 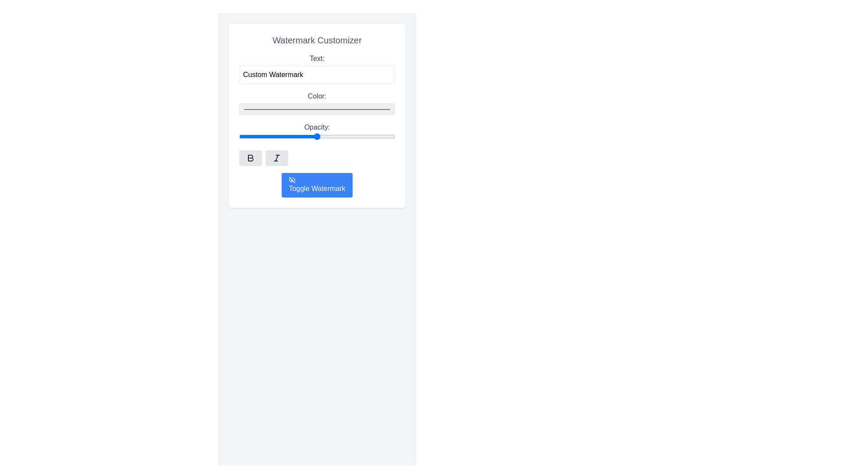 What do you see at coordinates (239, 137) in the screenshot?
I see `opacity value` at bounding box center [239, 137].